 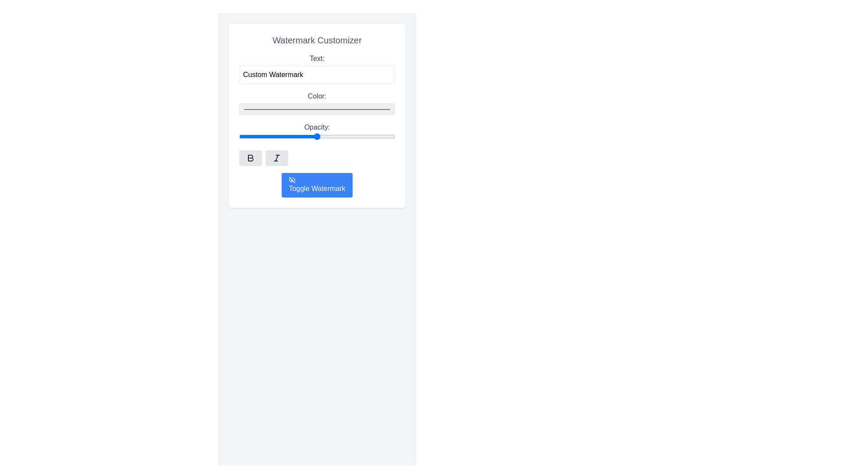 What do you see at coordinates (239, 137) in the screenshot?
I see `opacity value` at bounding box center [239, 137].